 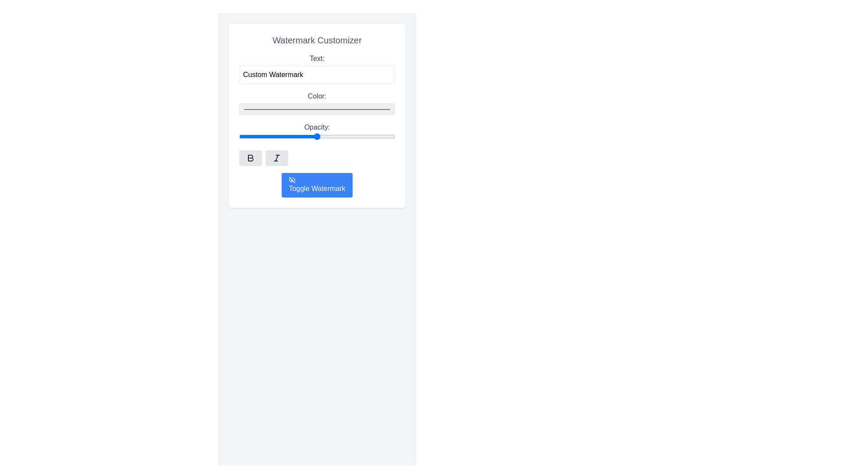 What do you see at coordinates (239, 137) in the screenshot?
I see `opacity value` at bounding box center [239, 137].